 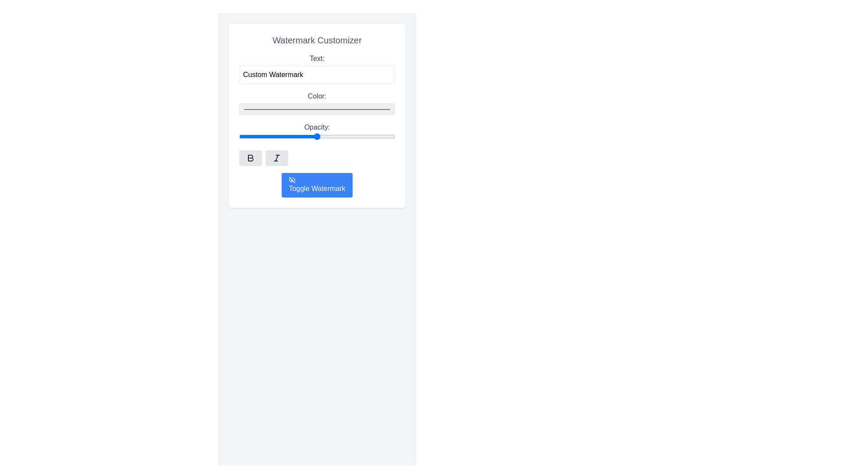 What do you see at coordinates (239, 137) in the screenshot?
I see `opacity value` at bounding box center [239, 137].